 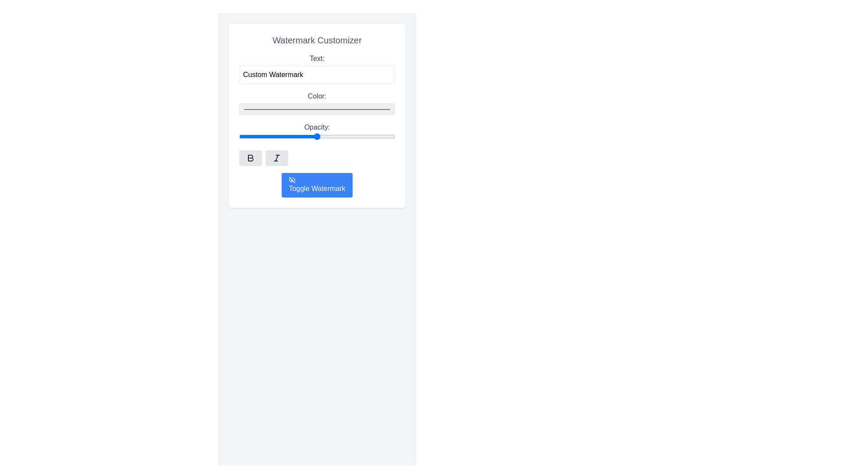 What do you see at coordinates (239, 137) in the screenshot?
I see `opacity value` at bounding box center [239, 137].